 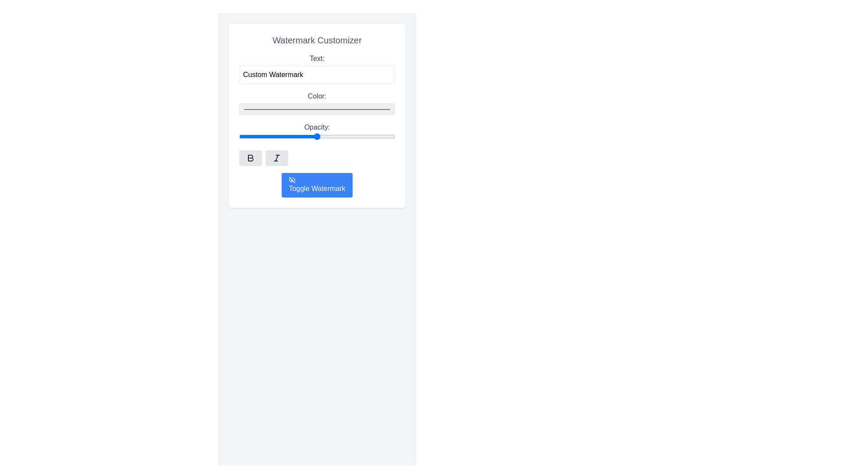 What do you see at coordinates (239, 137) in the screenshot?
I see `opacity value` at bounding box center [239, 137].